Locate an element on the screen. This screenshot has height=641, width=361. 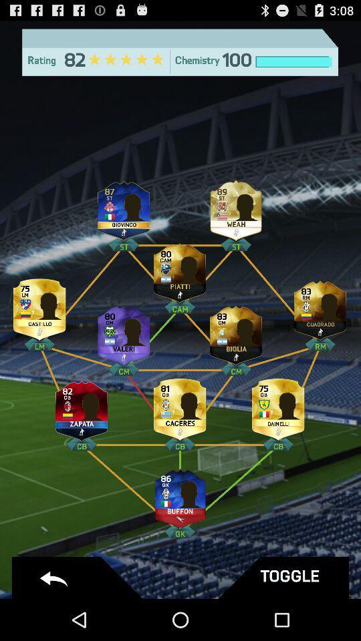
platti player is located at coordinates (180, 269).